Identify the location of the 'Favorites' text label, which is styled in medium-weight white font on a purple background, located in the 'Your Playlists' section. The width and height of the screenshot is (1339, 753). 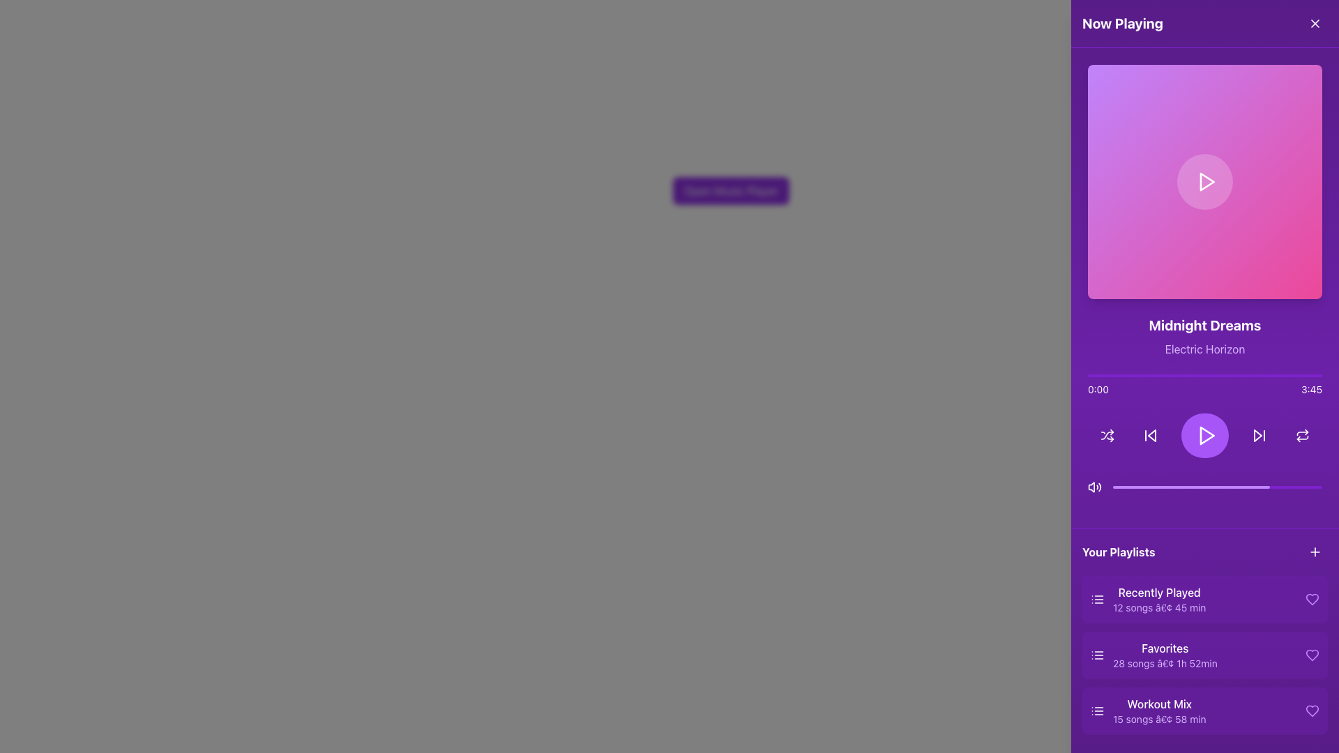
(1165, 648).